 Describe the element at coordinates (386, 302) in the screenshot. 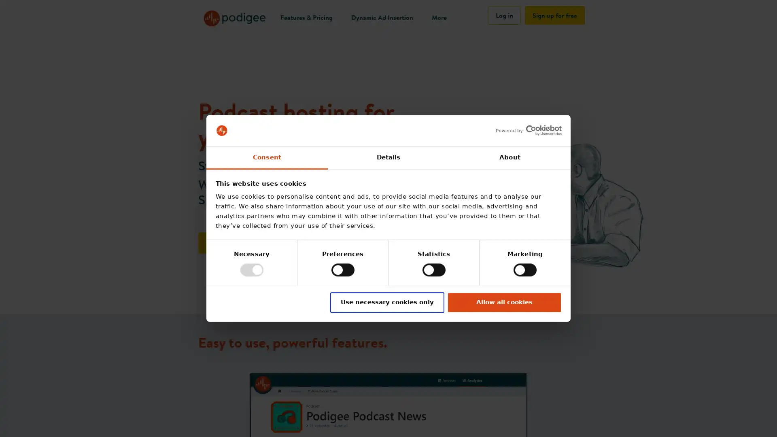

I see `Use necessary cookies only` at that location.